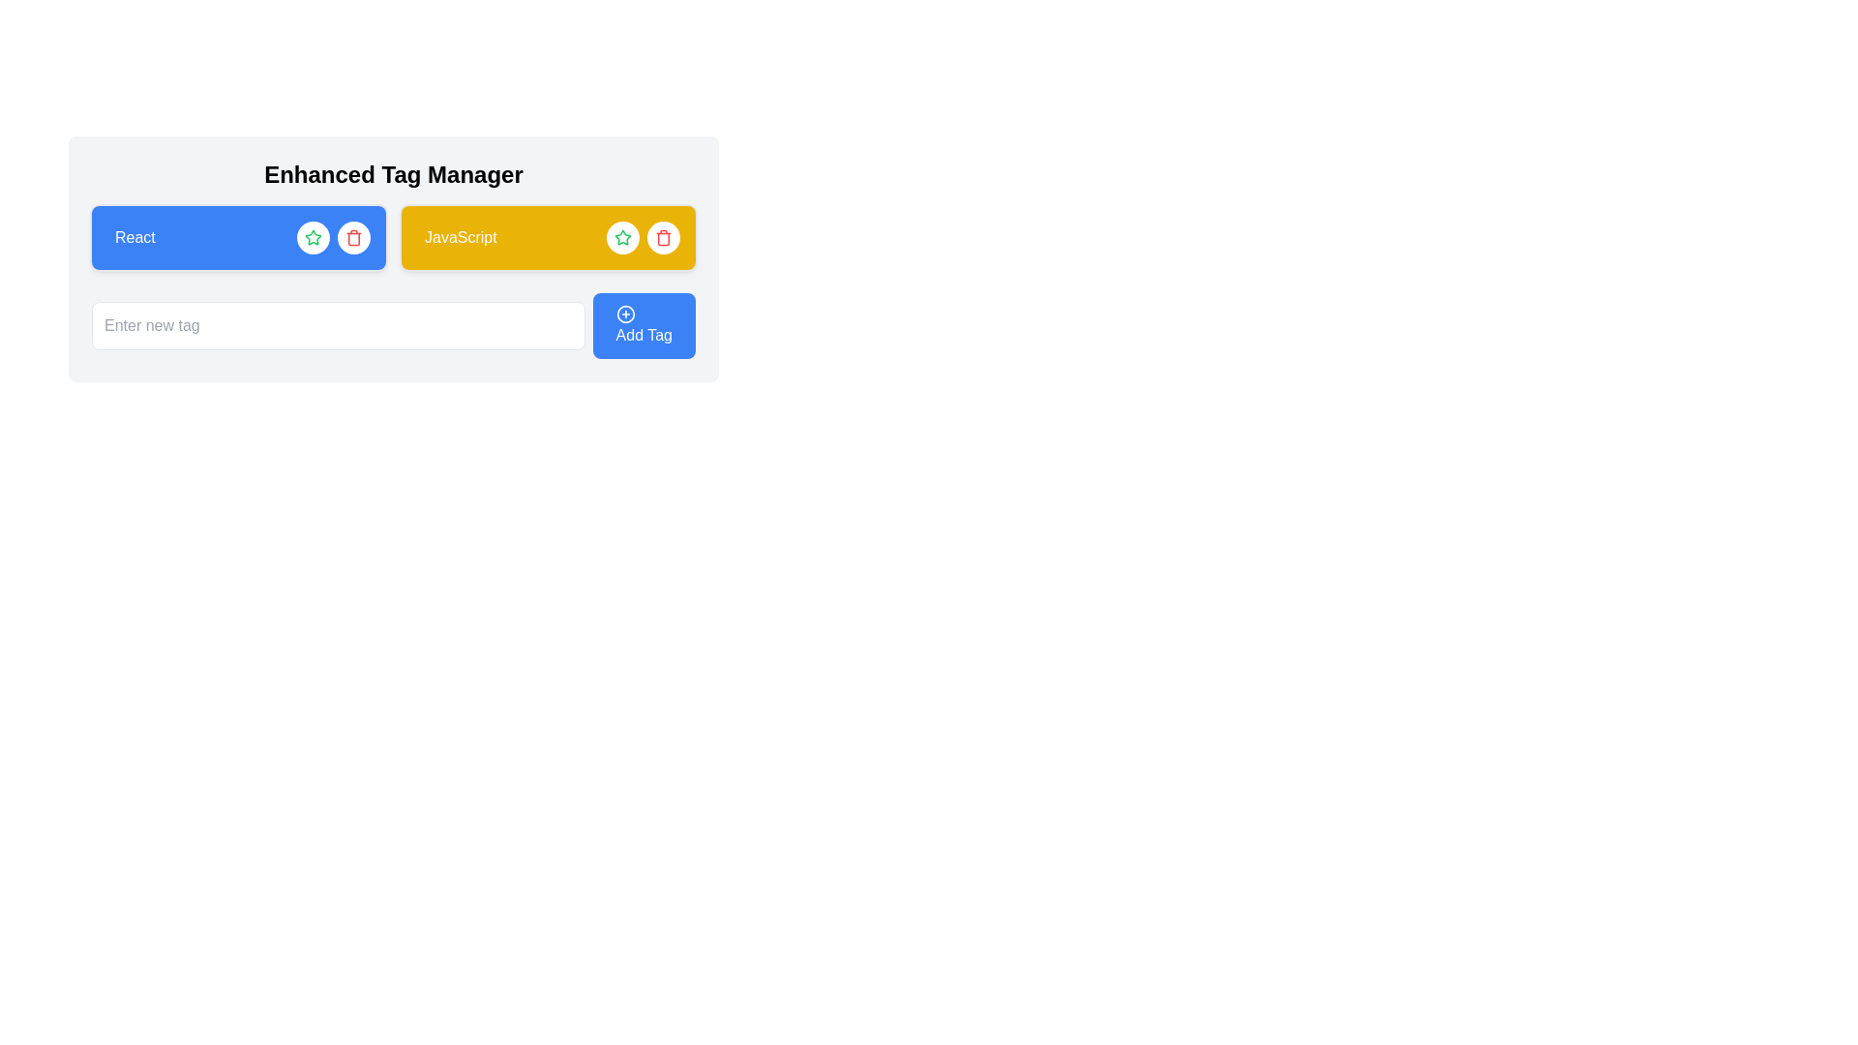 The height and width of the screenshot is (1045, 1858). Describe the element at coordinates (314, 237) in the screenshot. I see `the circular button with a white background and a green star icon` at that location.